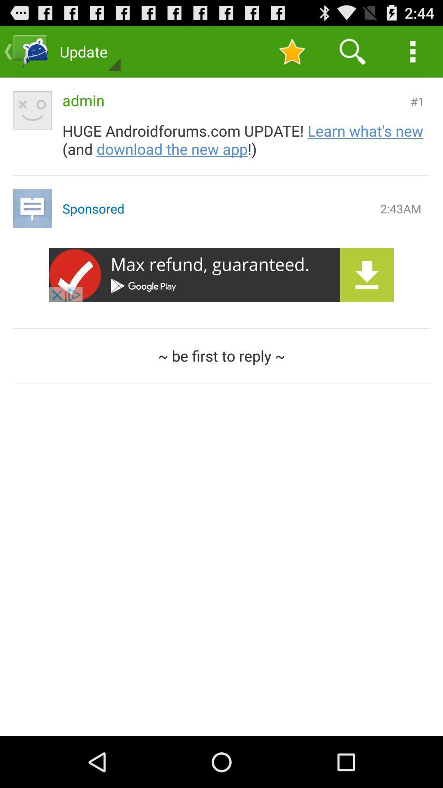 The image size is (443, 788). What do you see at coordinates (221, 275) in the screenshot?
I see `visit advertisement website` at bounding box center [221, 275].